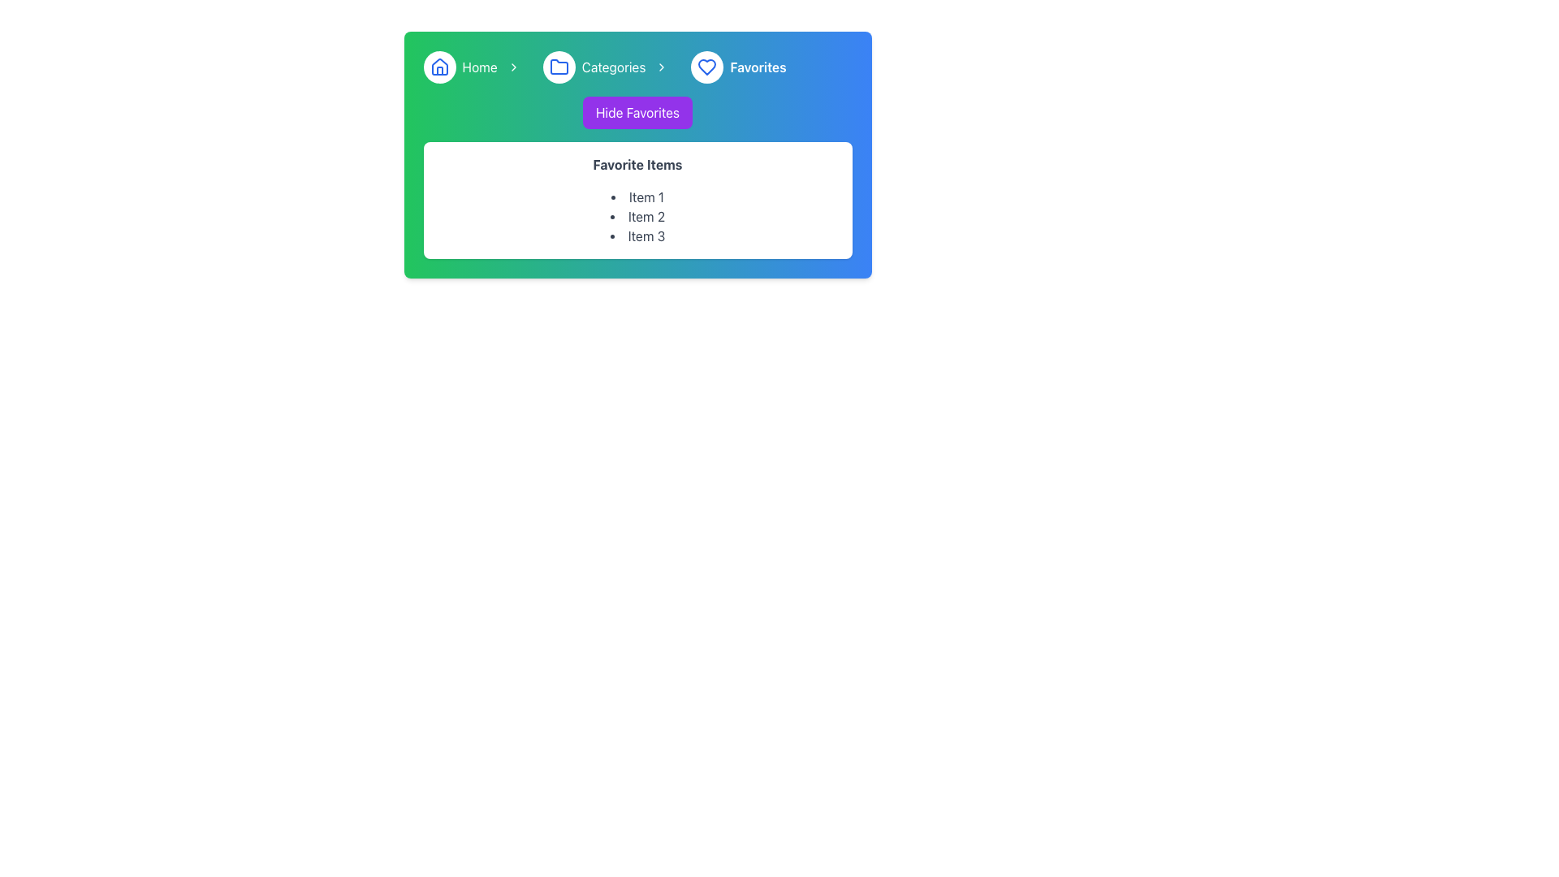  Describe the element at coordinates (662, 67) in the screenshot. I see `the rightward-pointing chevron icon, which is styled in white color and positioned next to the 'Categories' text in the breadcrumb navigation bar` at that location.